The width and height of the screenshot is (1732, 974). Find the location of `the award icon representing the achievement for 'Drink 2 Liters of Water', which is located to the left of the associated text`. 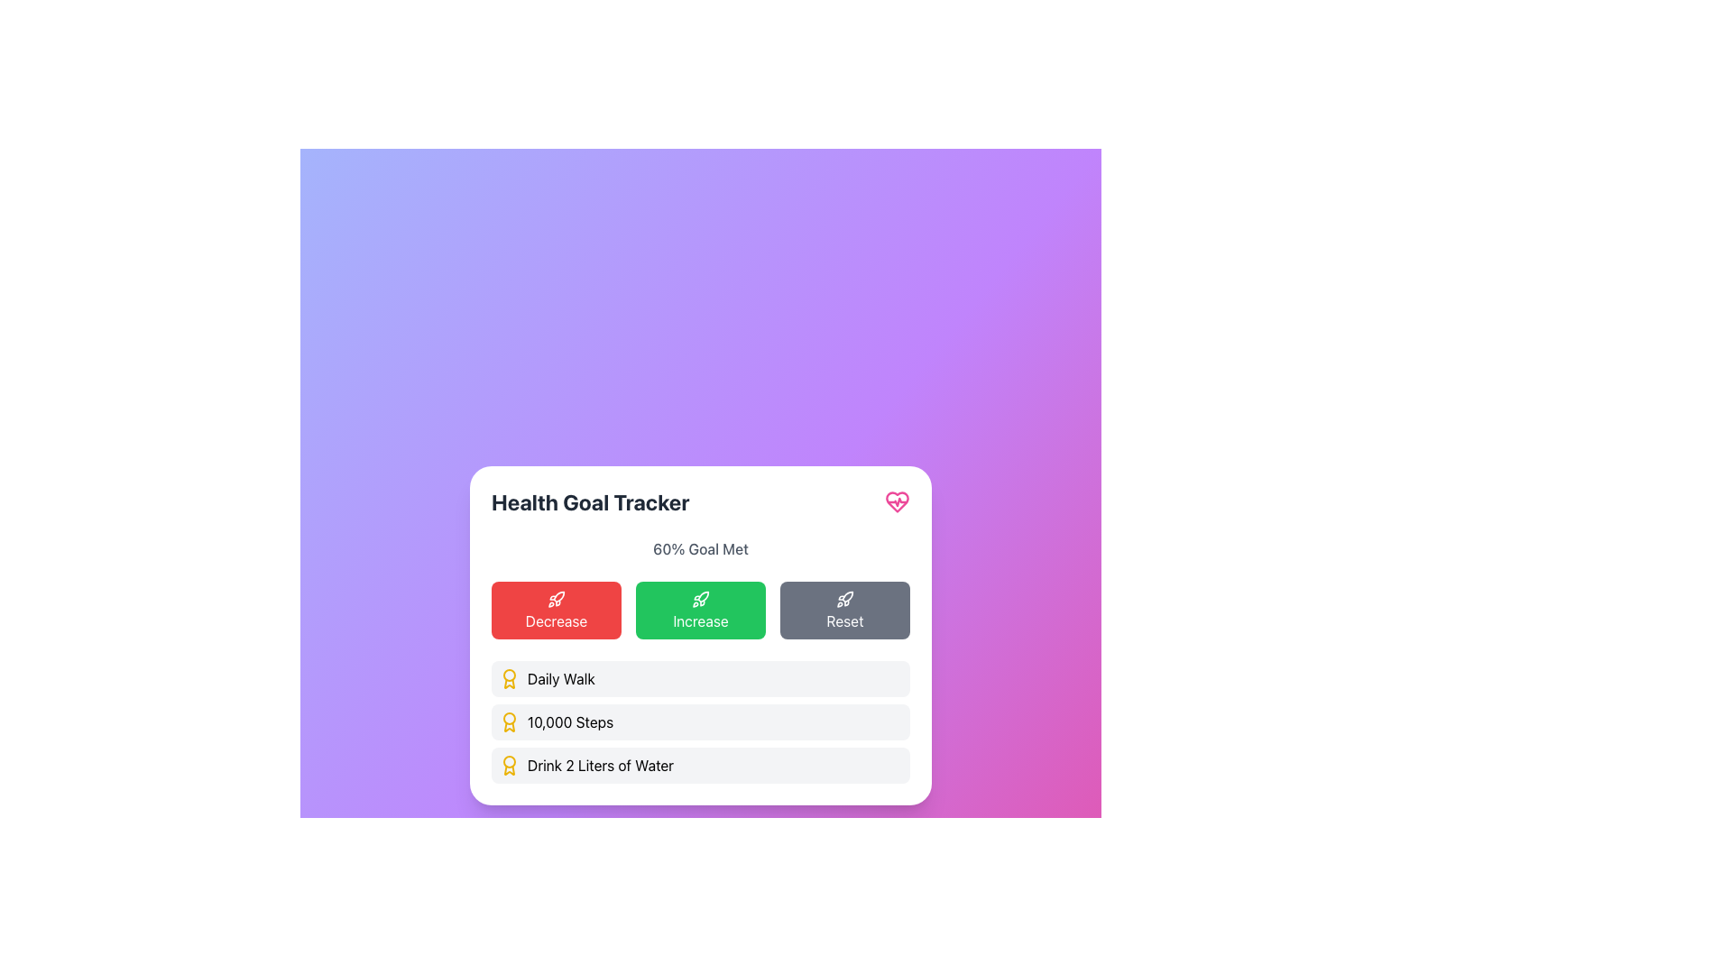

the award icon representing the achievement for 'Drink 2 Liters of Water', which is located to the left of the associated text is located at coordinates (509, 765).